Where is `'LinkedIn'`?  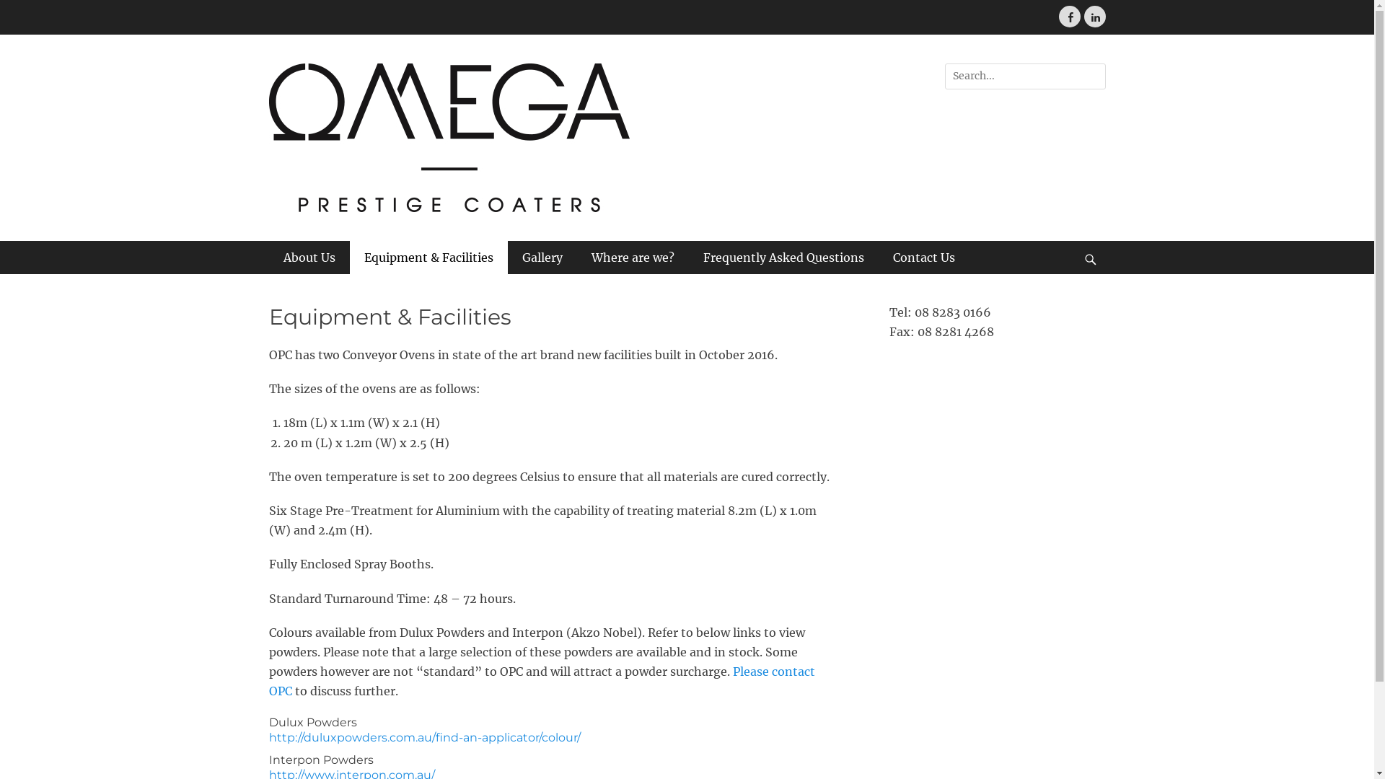 'LinkedIn' is located at coordinates (1083, 17).